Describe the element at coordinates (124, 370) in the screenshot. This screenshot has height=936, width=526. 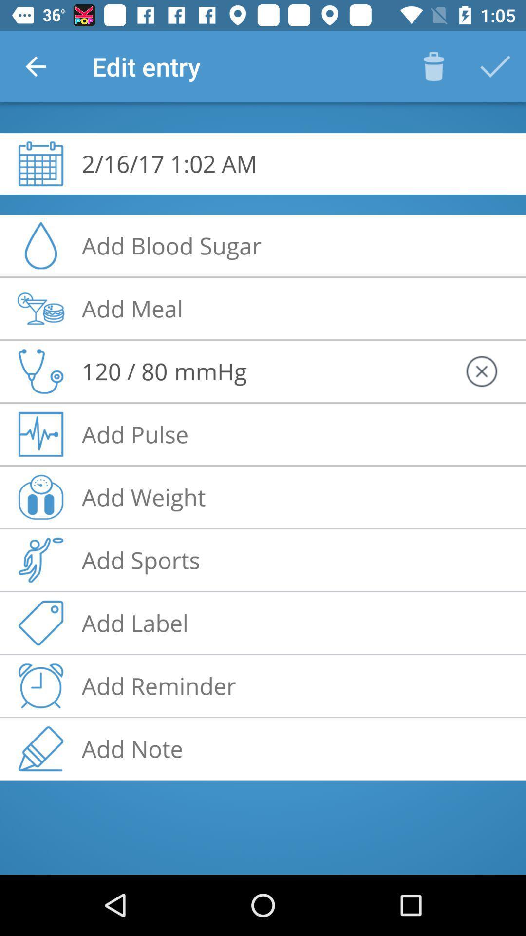
I see `120 / 80 icon` at that location.